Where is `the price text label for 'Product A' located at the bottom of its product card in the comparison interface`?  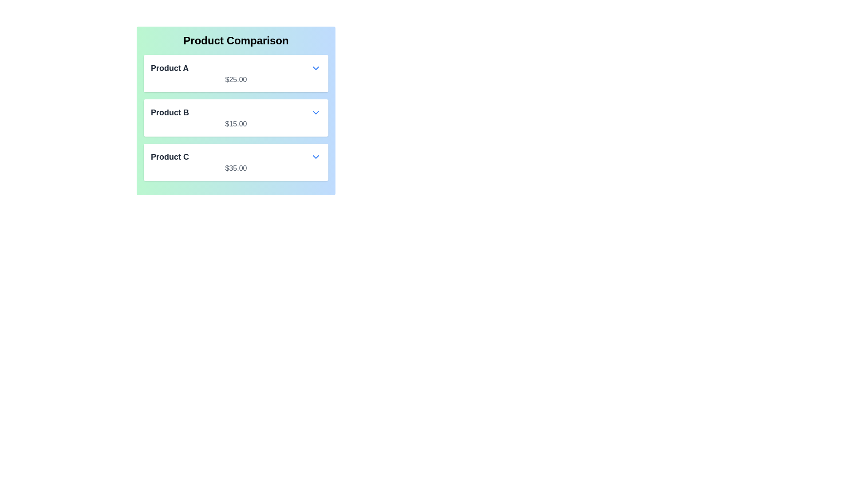
the price text label for 'Product A' located at the bottom of its product card in the comparison interface is located at coordinates (236, 80).